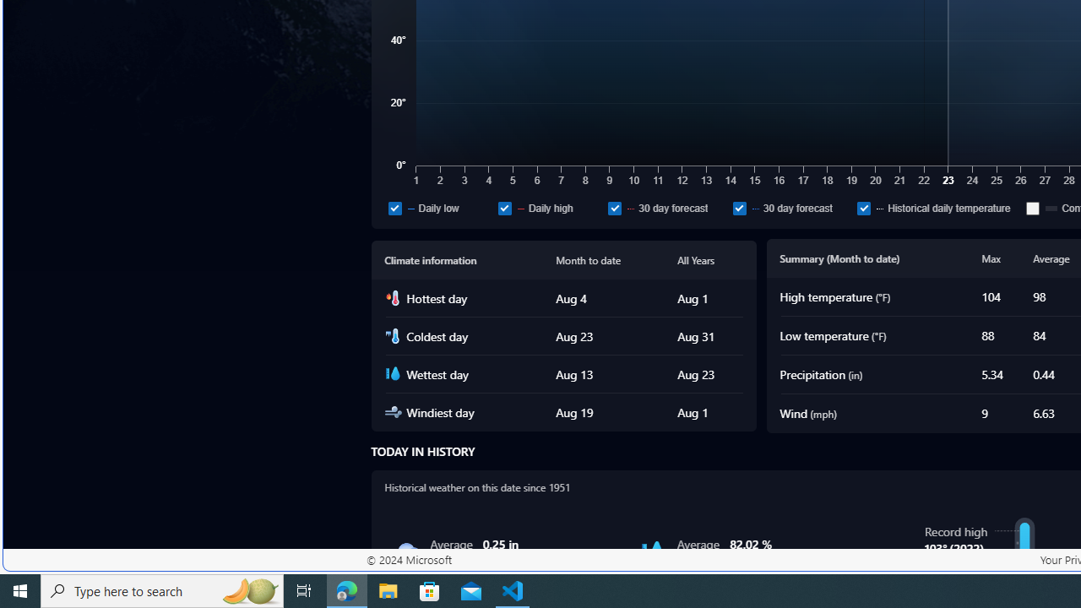 Image resolution: width=1081 pixels, height=608 pixels. What do you see at coordinates (439, 207) in the screenshot?
I see `'Daily low'` at bounding box center [439, 207].